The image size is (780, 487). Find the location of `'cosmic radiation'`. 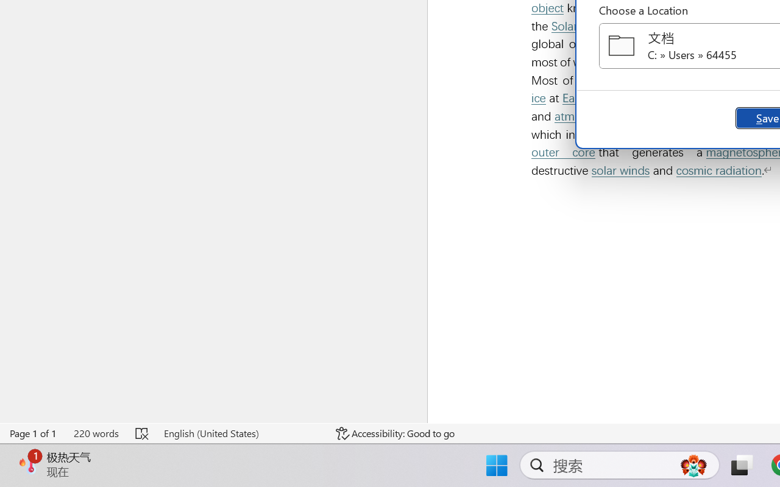

'cosmic radiation' is located at coordinates (719, 170).